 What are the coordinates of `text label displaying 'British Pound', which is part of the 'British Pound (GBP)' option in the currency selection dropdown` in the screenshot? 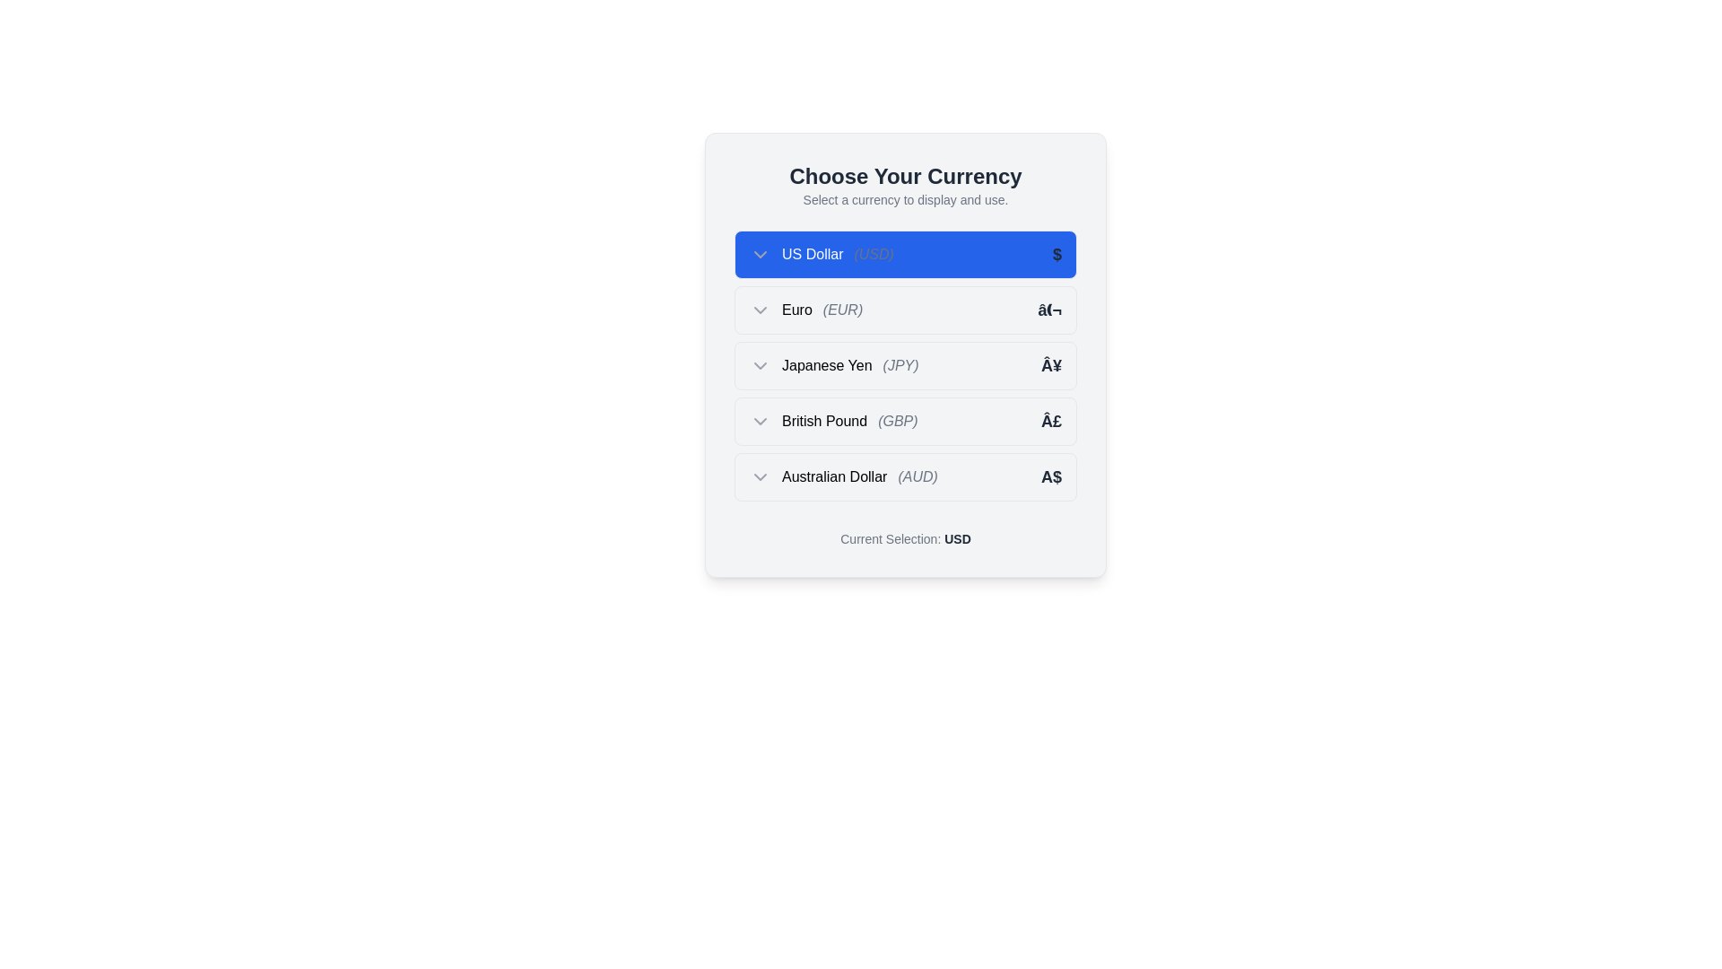 It's located at (823, 422).